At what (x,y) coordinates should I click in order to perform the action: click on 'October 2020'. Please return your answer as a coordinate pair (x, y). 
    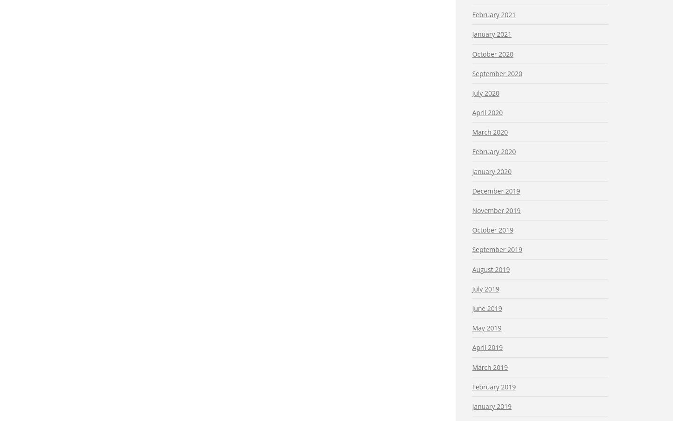
    Looking at the image, I should click on (492, 53).